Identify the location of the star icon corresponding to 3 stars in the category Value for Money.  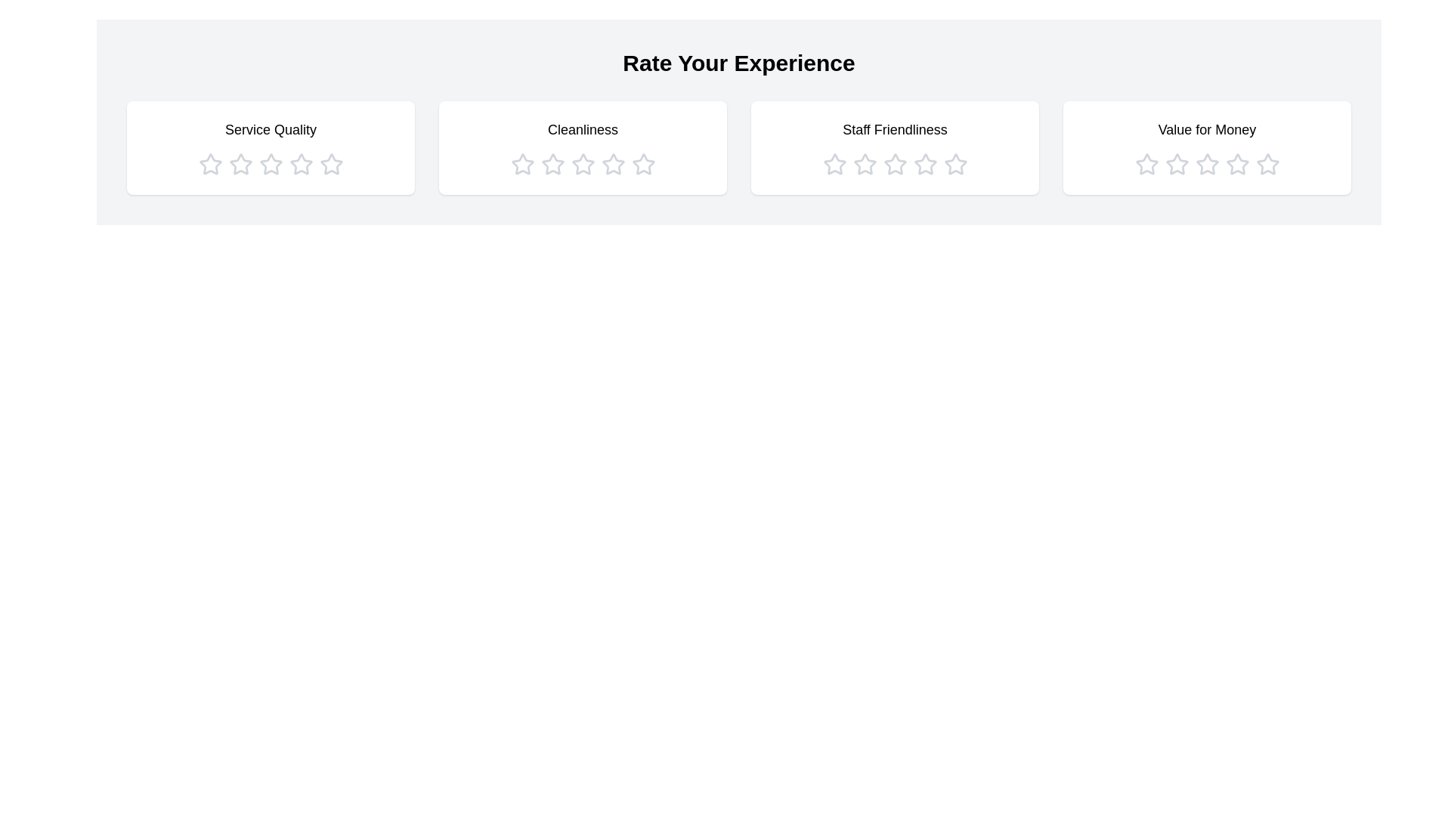
(1206, 165).